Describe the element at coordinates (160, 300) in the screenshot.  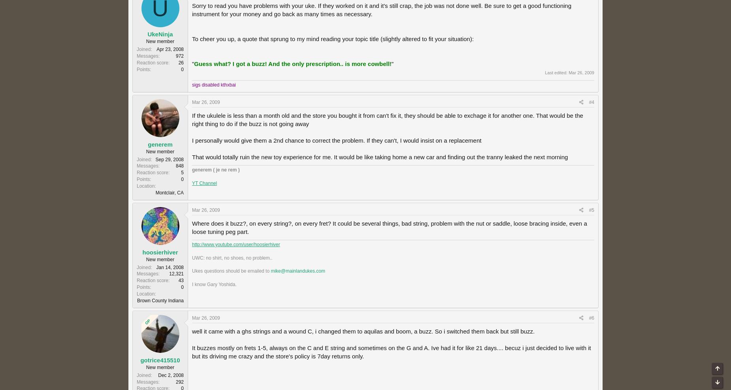
I see `'Brown County Indiana'` at that location.